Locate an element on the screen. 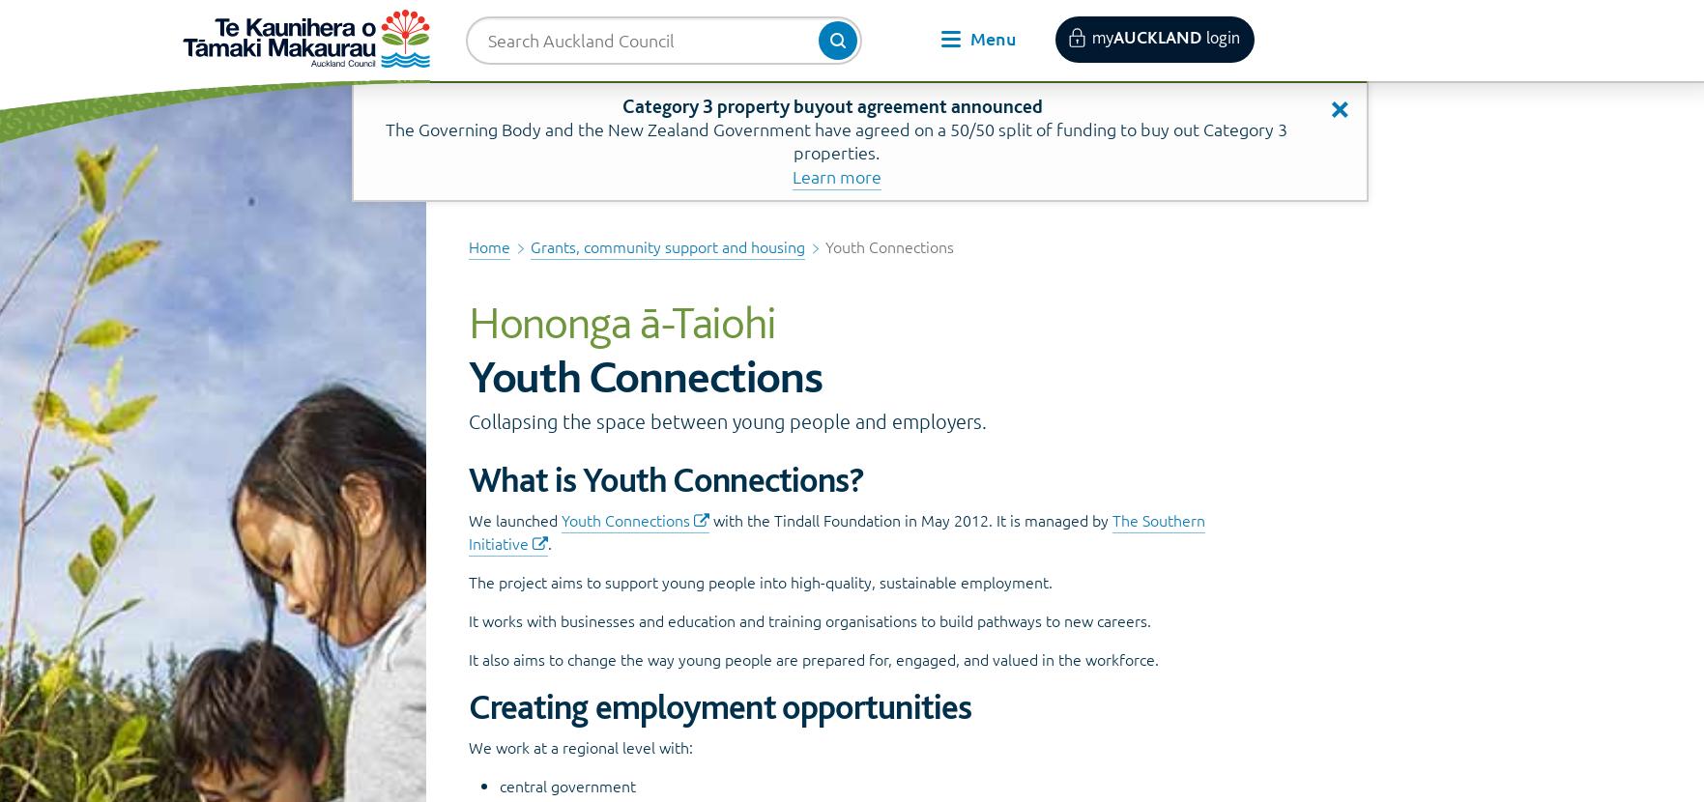  'AUCKLAND' is located at coordinates (1112, 36).